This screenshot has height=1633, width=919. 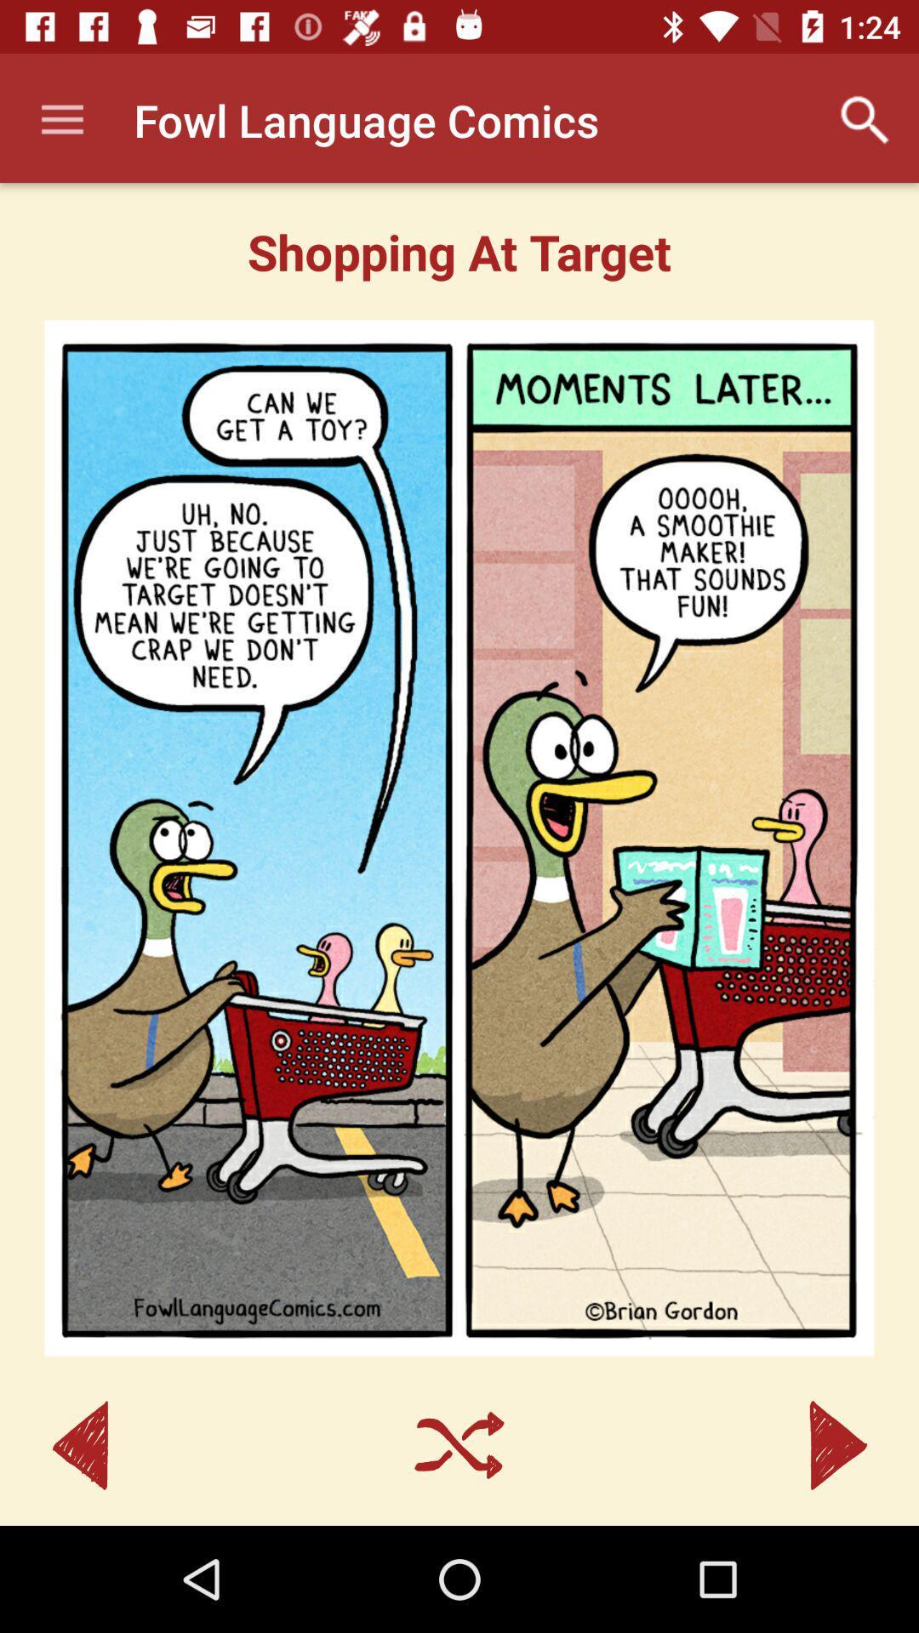 What do you see at coordinates (459, 1444) in the screenshot?
I see `the close icon` at bounding box center [459, 1444].